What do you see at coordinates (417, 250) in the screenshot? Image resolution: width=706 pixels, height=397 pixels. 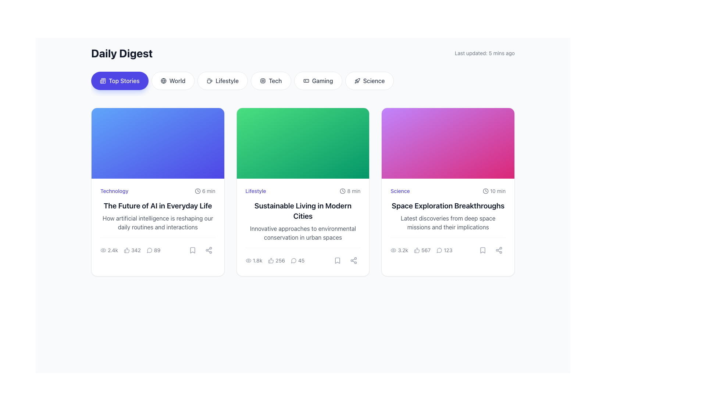 I see `the Thumbs-Up icon located within the numeric display area '567' for the article titled 'Space Exploration Breakthroughs' to possibly toggle a like or approval` at bounding box center [417, 250].